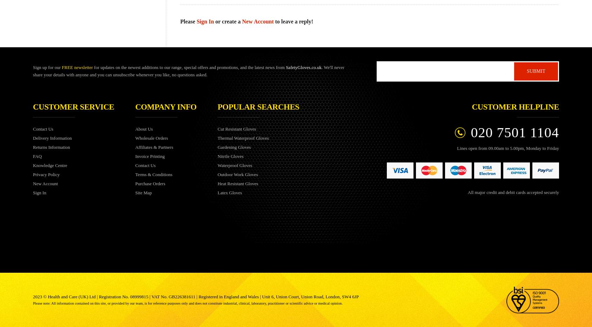  What do you see at coordinates (143, 192) in the screenshot?
I see `'Site Map'` at bounding box center [143, 192].